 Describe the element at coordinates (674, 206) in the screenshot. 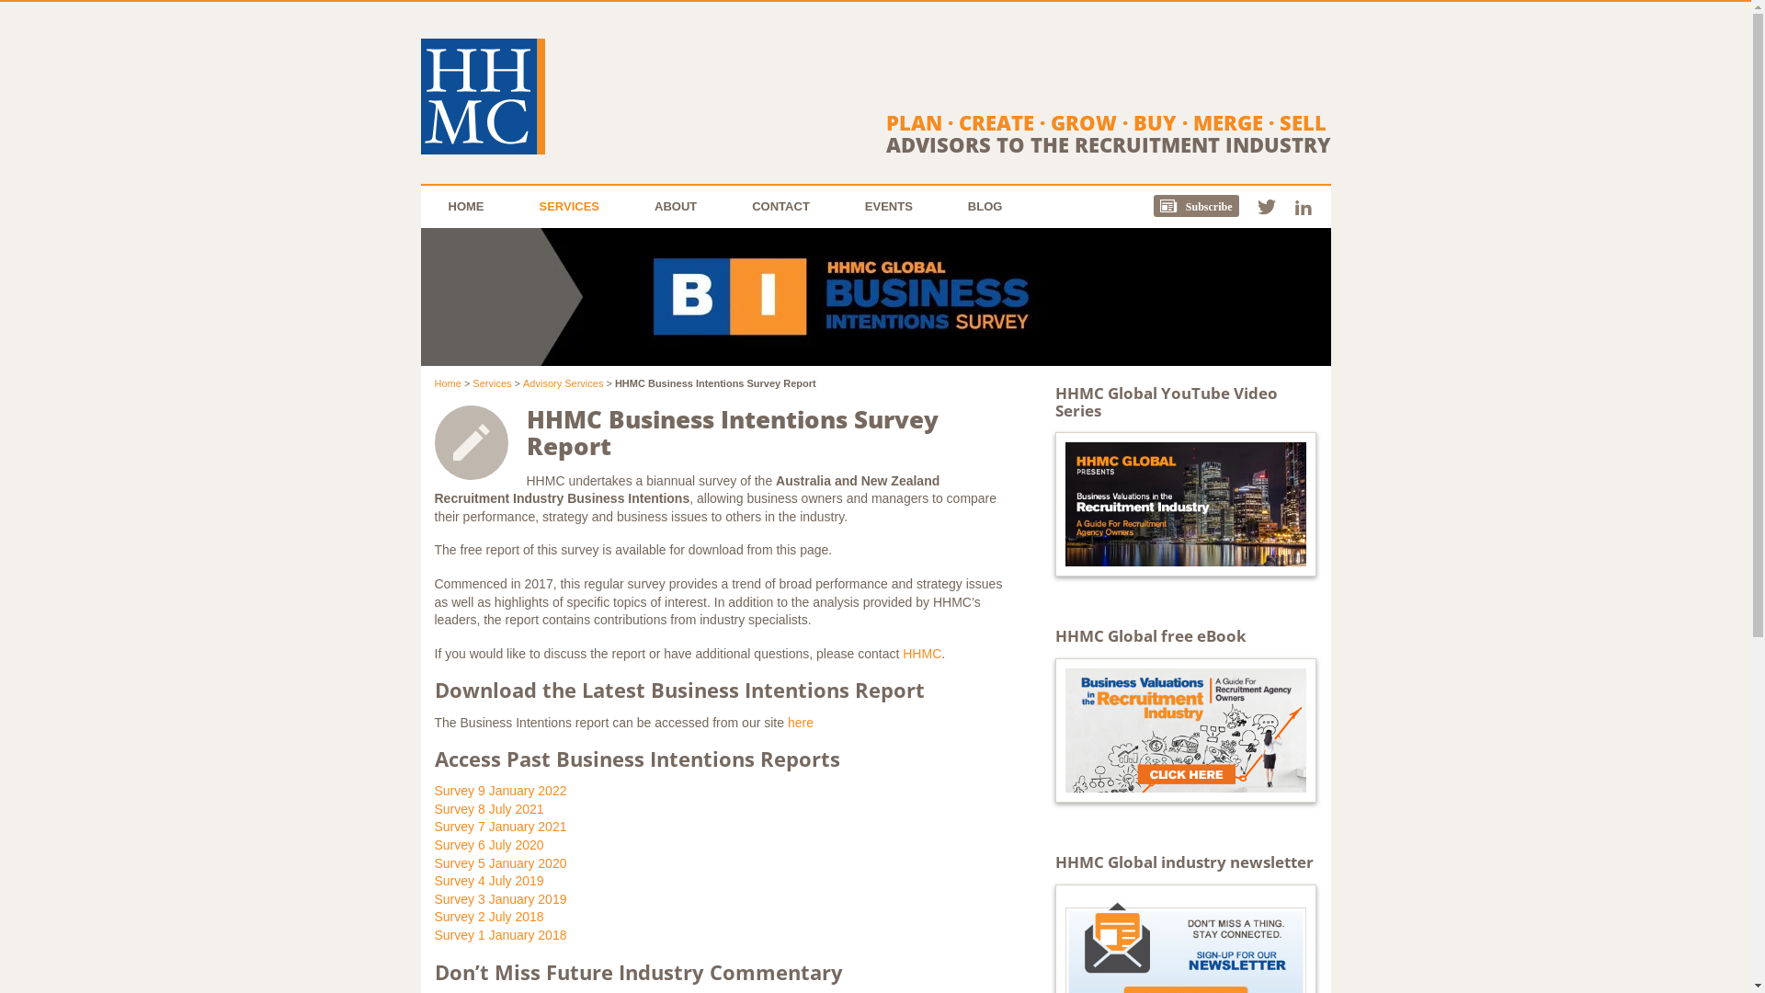

I see `'ABOUT'` at that location.